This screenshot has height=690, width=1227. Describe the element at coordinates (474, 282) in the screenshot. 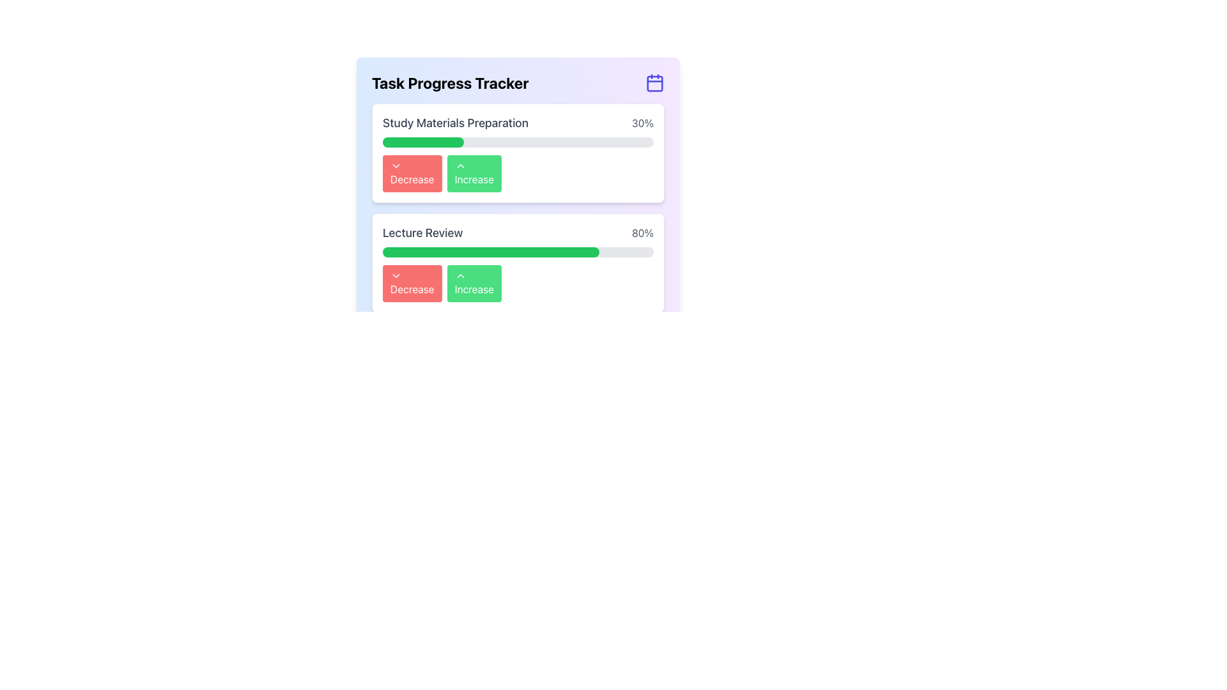

I see `the green 'Increase' button with white text and an upward-pointing chevron icon in the 'Lecture Review' task progress section to increase the task value` at that location.